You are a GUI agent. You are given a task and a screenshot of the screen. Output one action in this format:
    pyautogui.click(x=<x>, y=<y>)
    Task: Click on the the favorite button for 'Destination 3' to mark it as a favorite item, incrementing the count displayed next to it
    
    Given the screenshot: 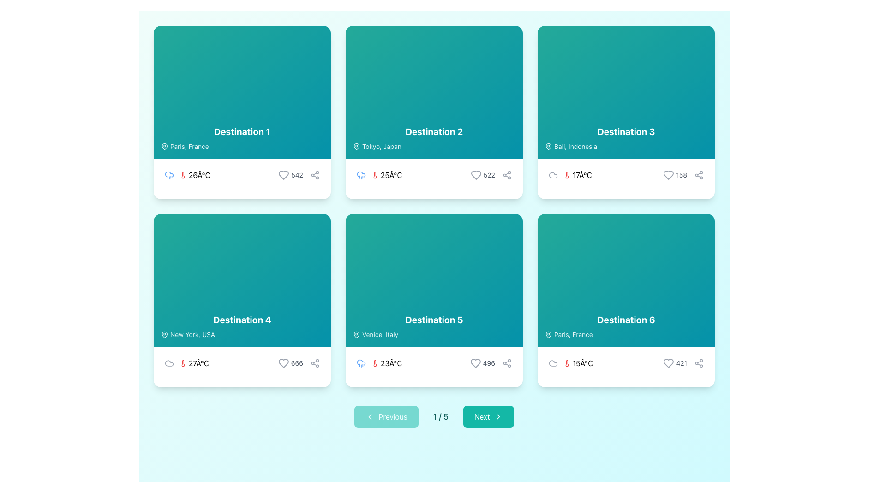 What is the action you would take?
    pyautogui.click(x=669, y=175)
    